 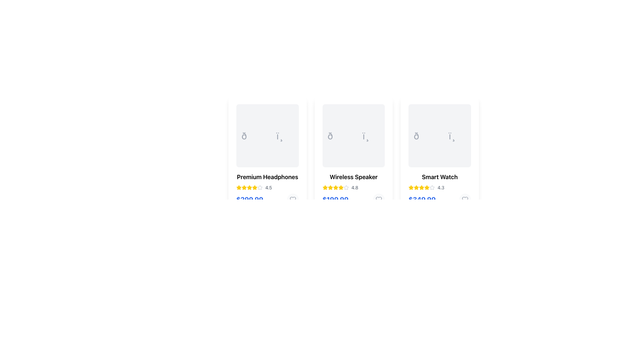 I want to click on the heart-shaped icon, so click(x=464, y=199).